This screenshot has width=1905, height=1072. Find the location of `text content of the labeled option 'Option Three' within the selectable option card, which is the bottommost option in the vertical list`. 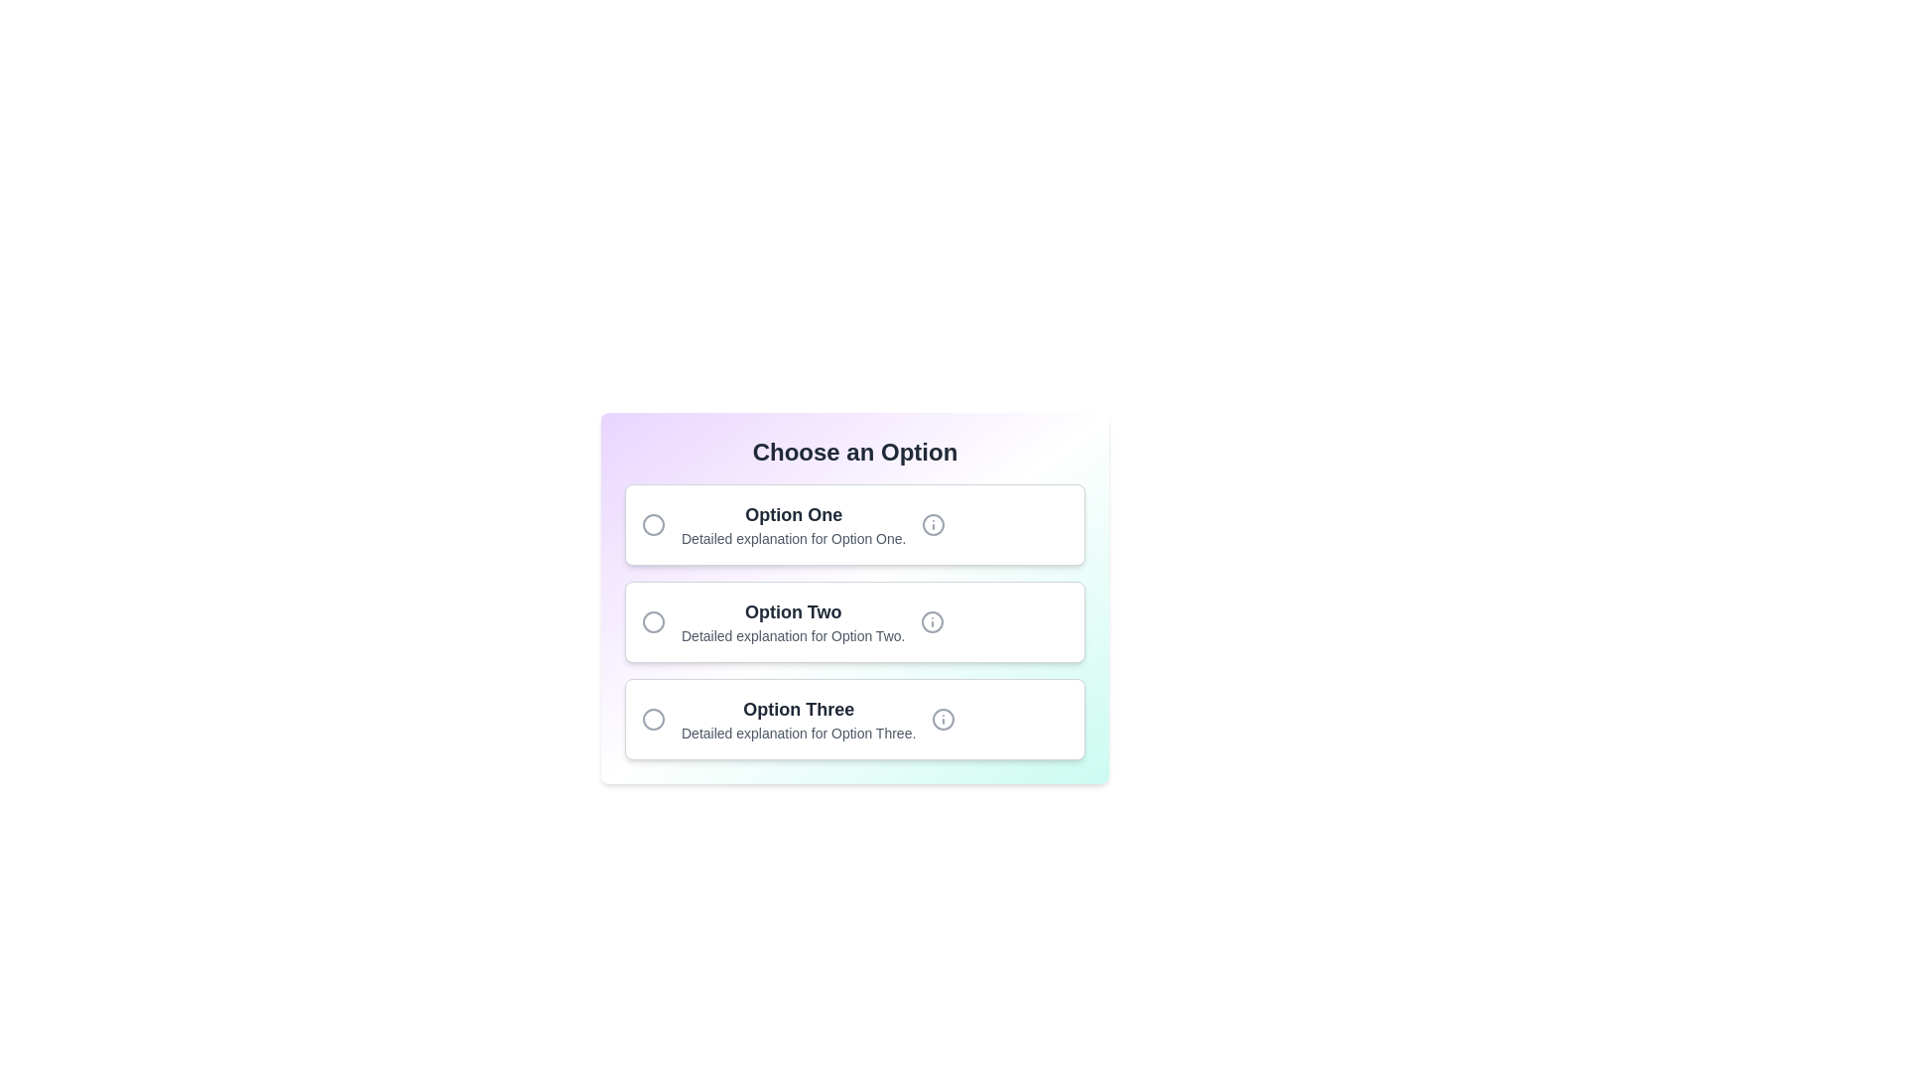

text content of the labeled option 'Option Three' within the selectable option card, which is the bottommost option in the vertical list is located at coordinates (799, 720).